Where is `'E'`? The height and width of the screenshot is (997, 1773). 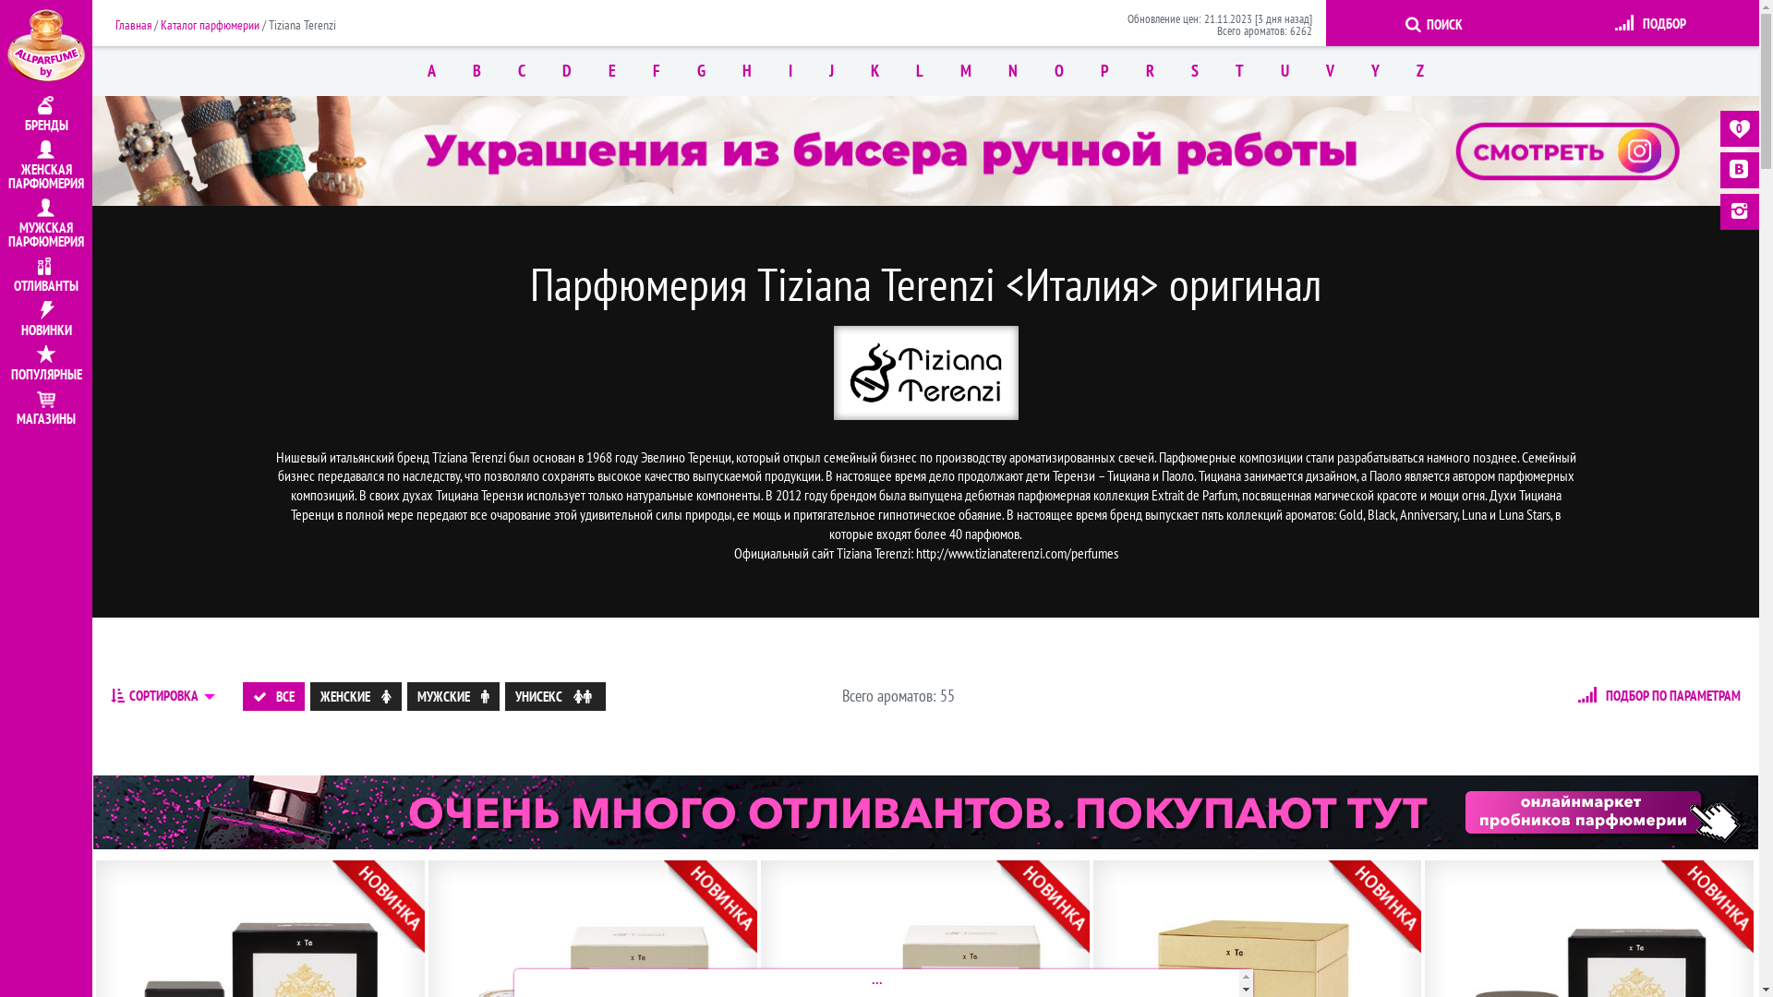 'E' is located at coordinates (611, 70).